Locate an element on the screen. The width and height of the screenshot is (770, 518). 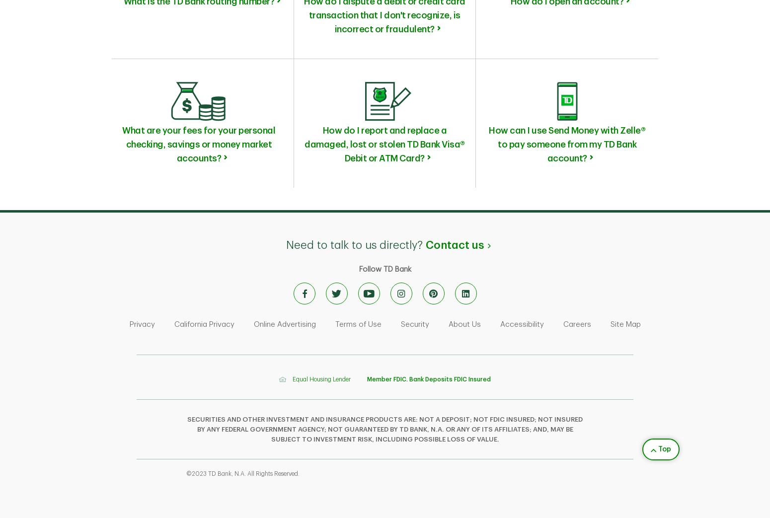
'Contact us' is located at coordinates (425, 244).